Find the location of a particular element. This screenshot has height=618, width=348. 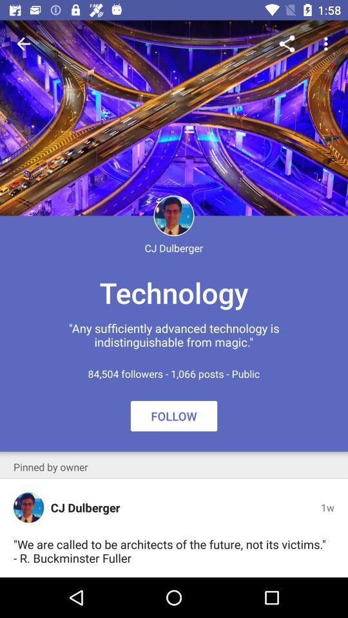

icon above the we are called icon is located at coordinates (174, 415).